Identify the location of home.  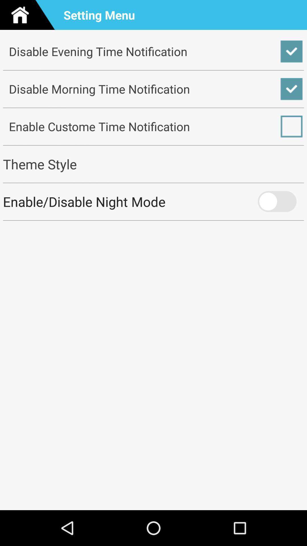
(30, 15).